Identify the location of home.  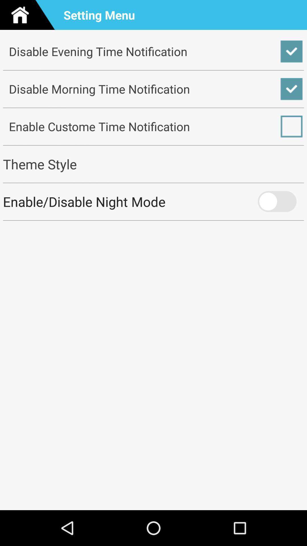
(30, 15).